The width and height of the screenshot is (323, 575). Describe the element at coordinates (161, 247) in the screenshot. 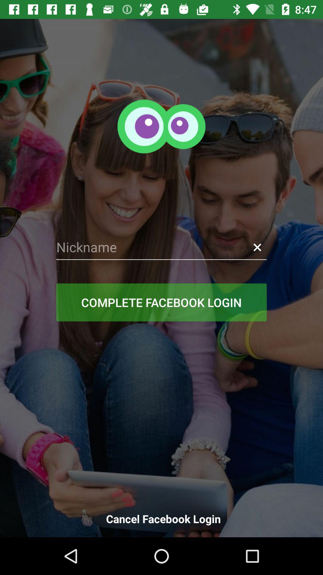

I see `bet name` at that location.